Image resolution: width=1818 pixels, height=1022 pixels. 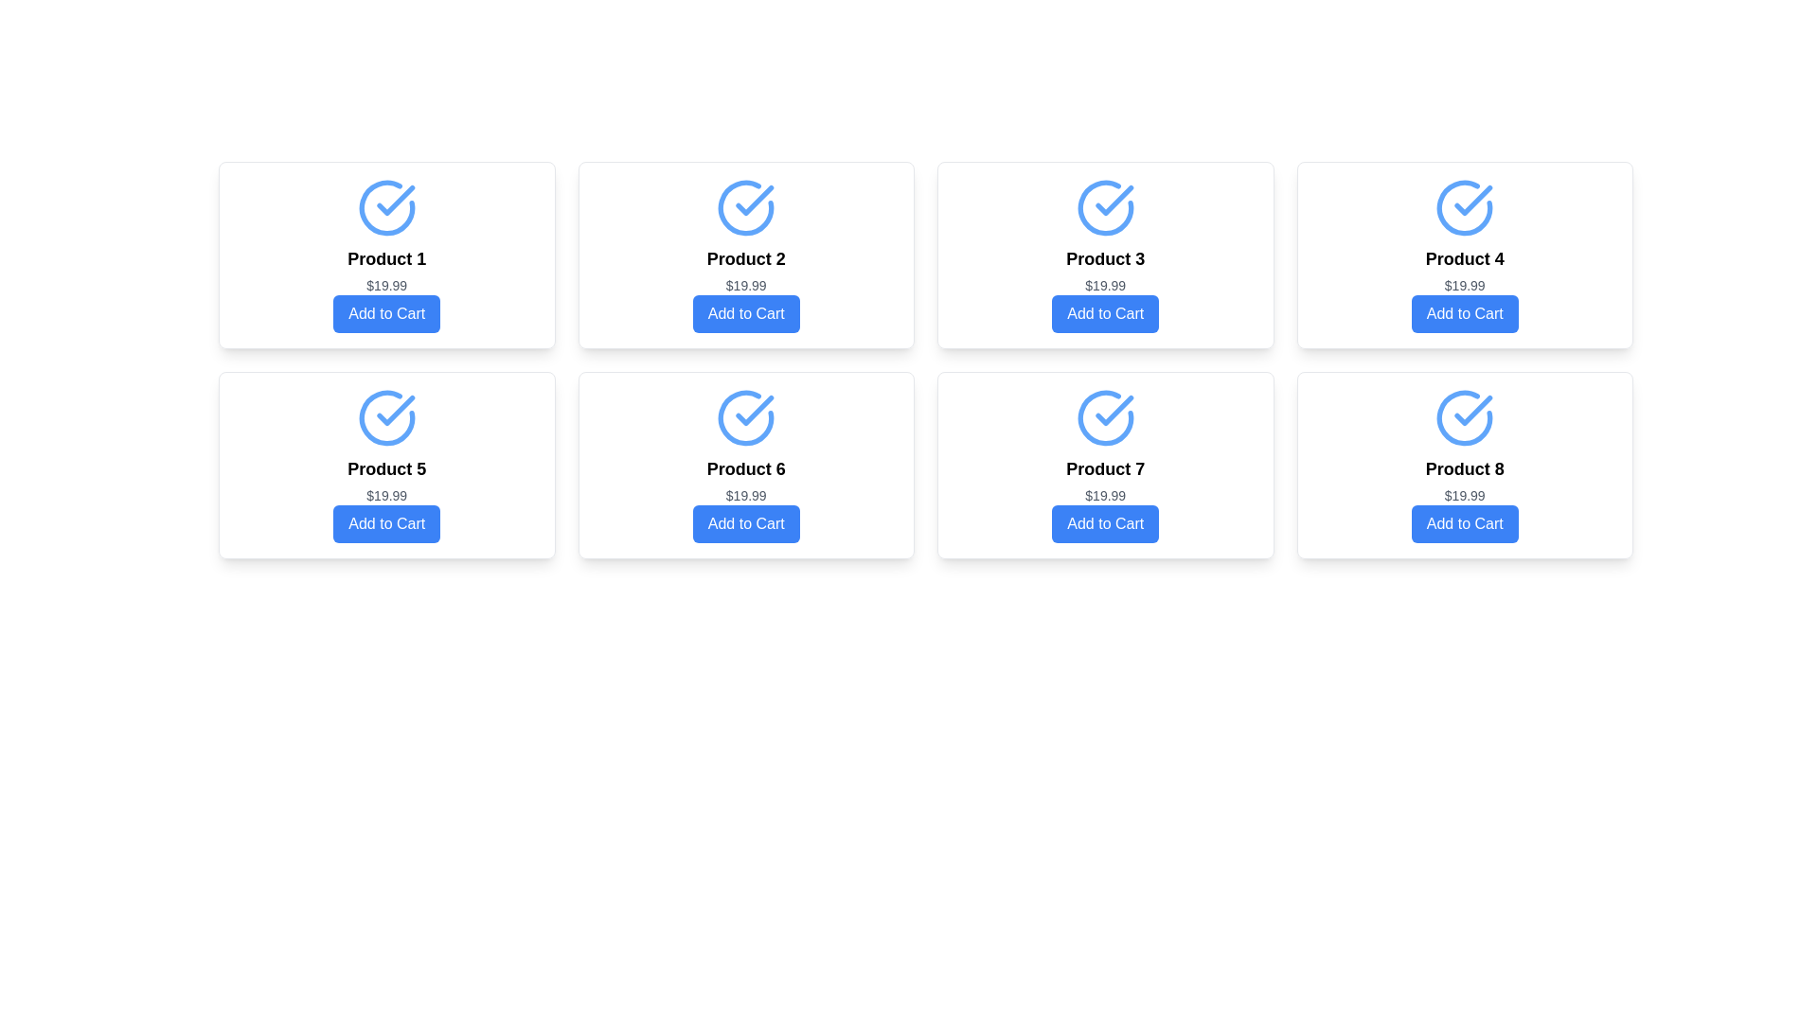 I want to click on the circular icon with a check mark inside, which is styled with a blue outline and located above the text 'Product 5', so click(x=385, y=417).